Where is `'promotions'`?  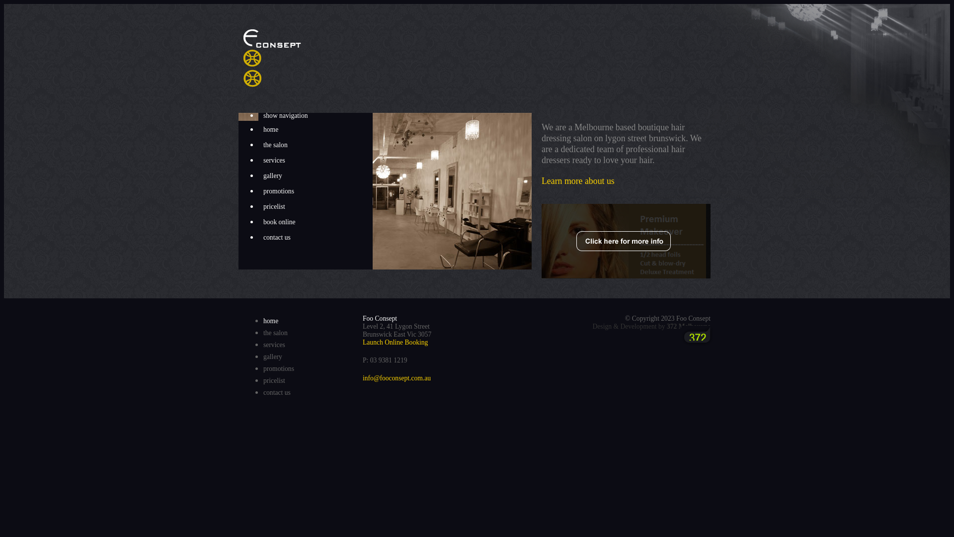 'promotions' is located at coordinates (315, 191).